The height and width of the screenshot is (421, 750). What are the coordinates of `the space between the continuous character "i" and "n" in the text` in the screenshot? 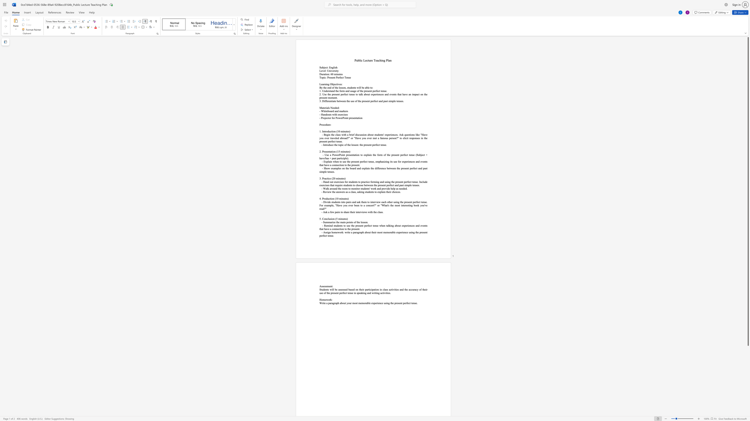 It's located at (343, 131).